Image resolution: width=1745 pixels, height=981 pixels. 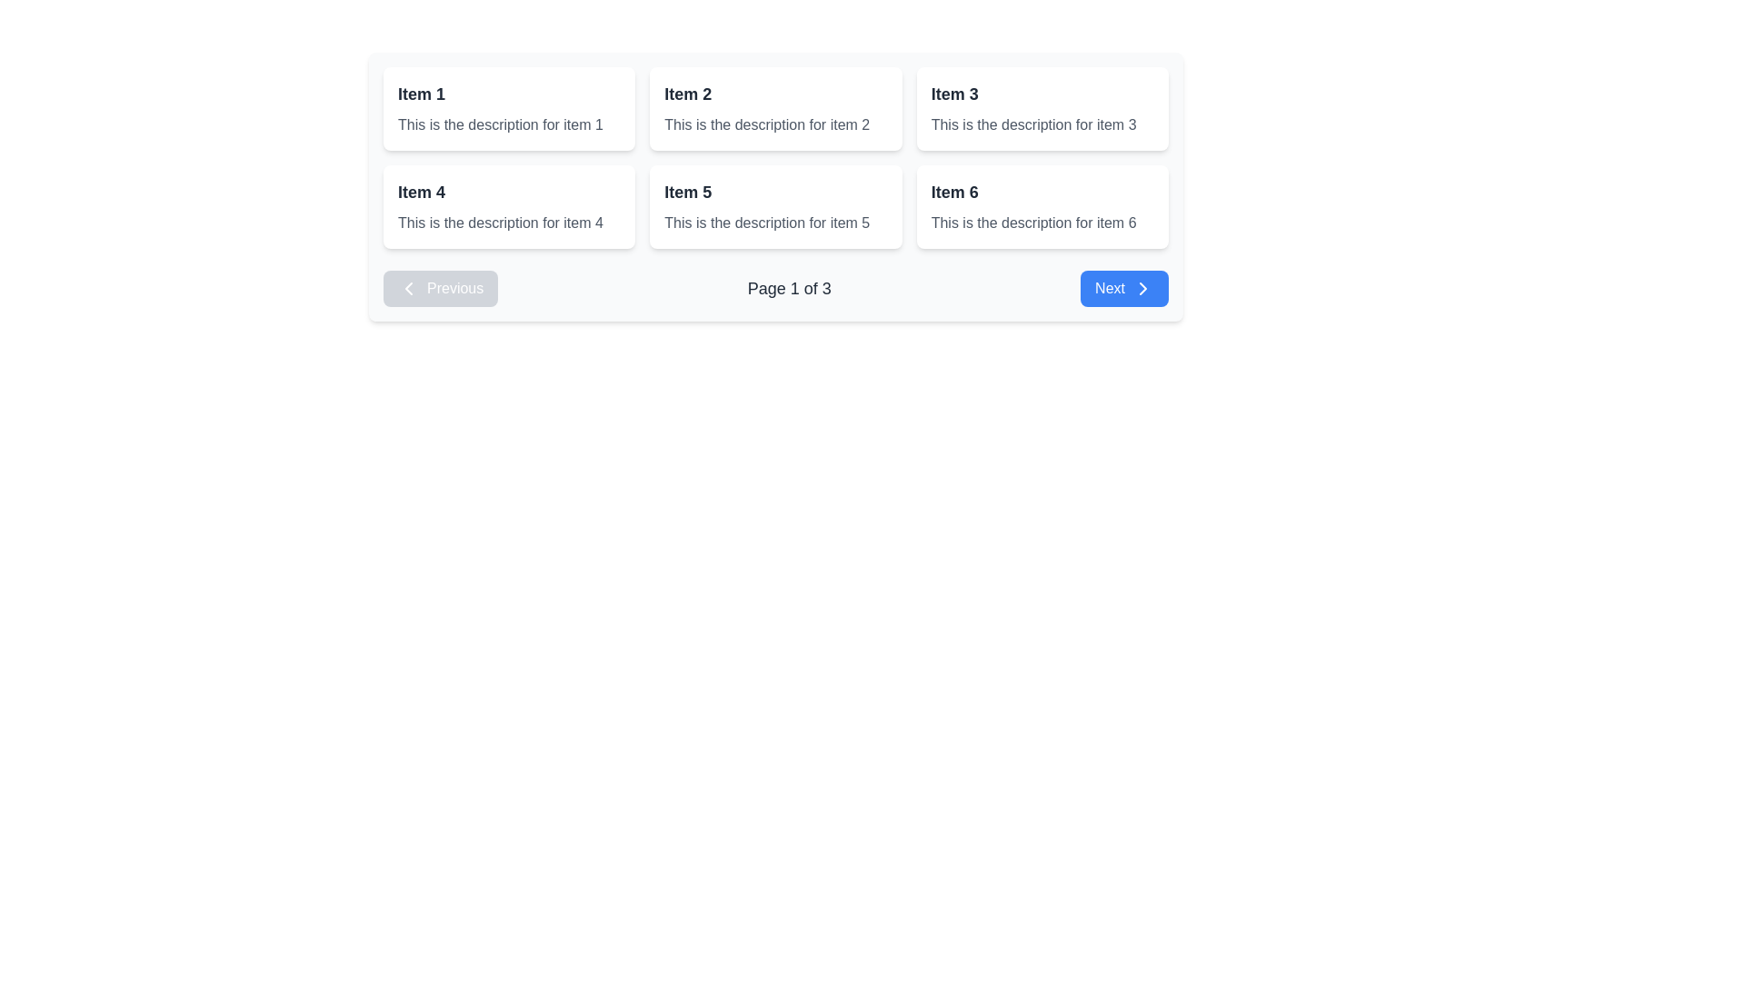 I want to click on the Text label that provides a brief description for 'Item 1', located directly beneath the bold title 'Item 1', so click(x=500, y=124).